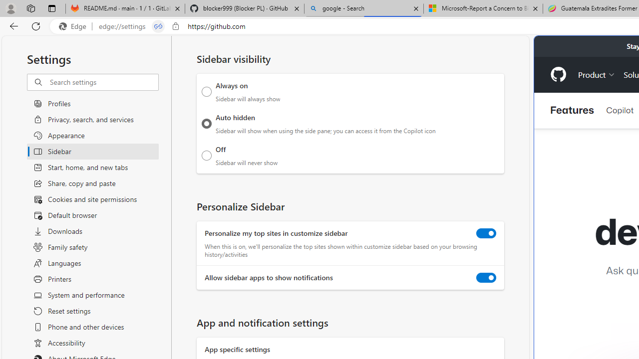 This screenshot has width=639, height=359. What do you see at coordinates (158, 26) in the screenshot?
I see `'Tabs in split screen'` at bounding box center [158, 26].